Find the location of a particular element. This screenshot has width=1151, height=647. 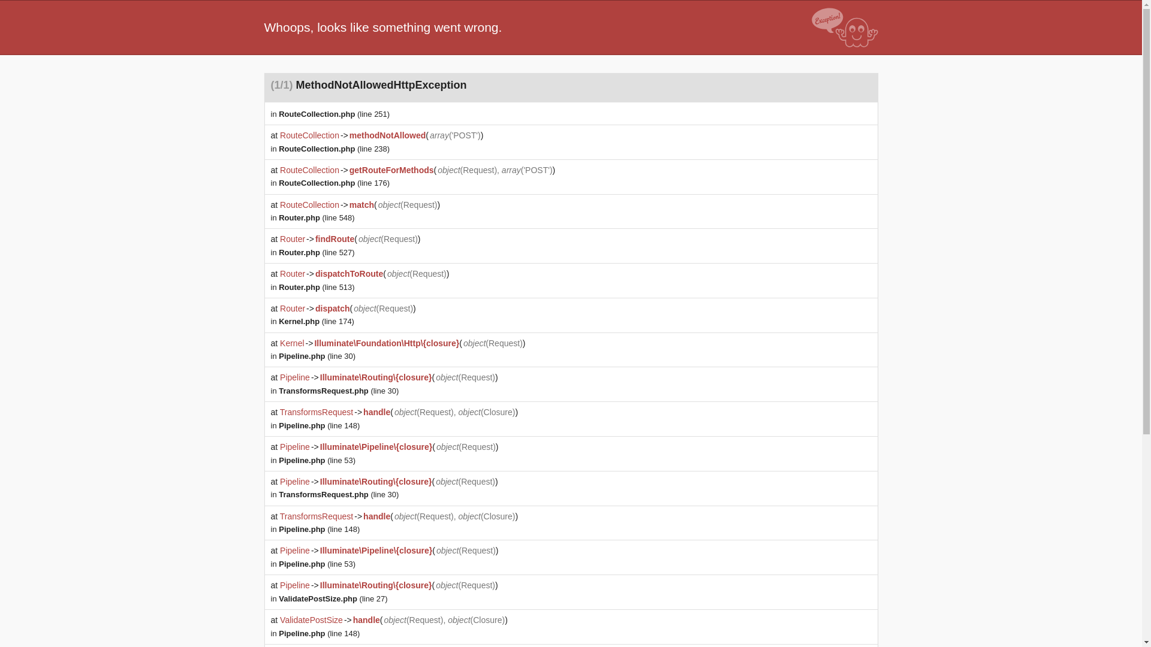

'Pipeline.php (line 53)' is located at coordinates (317, 459).